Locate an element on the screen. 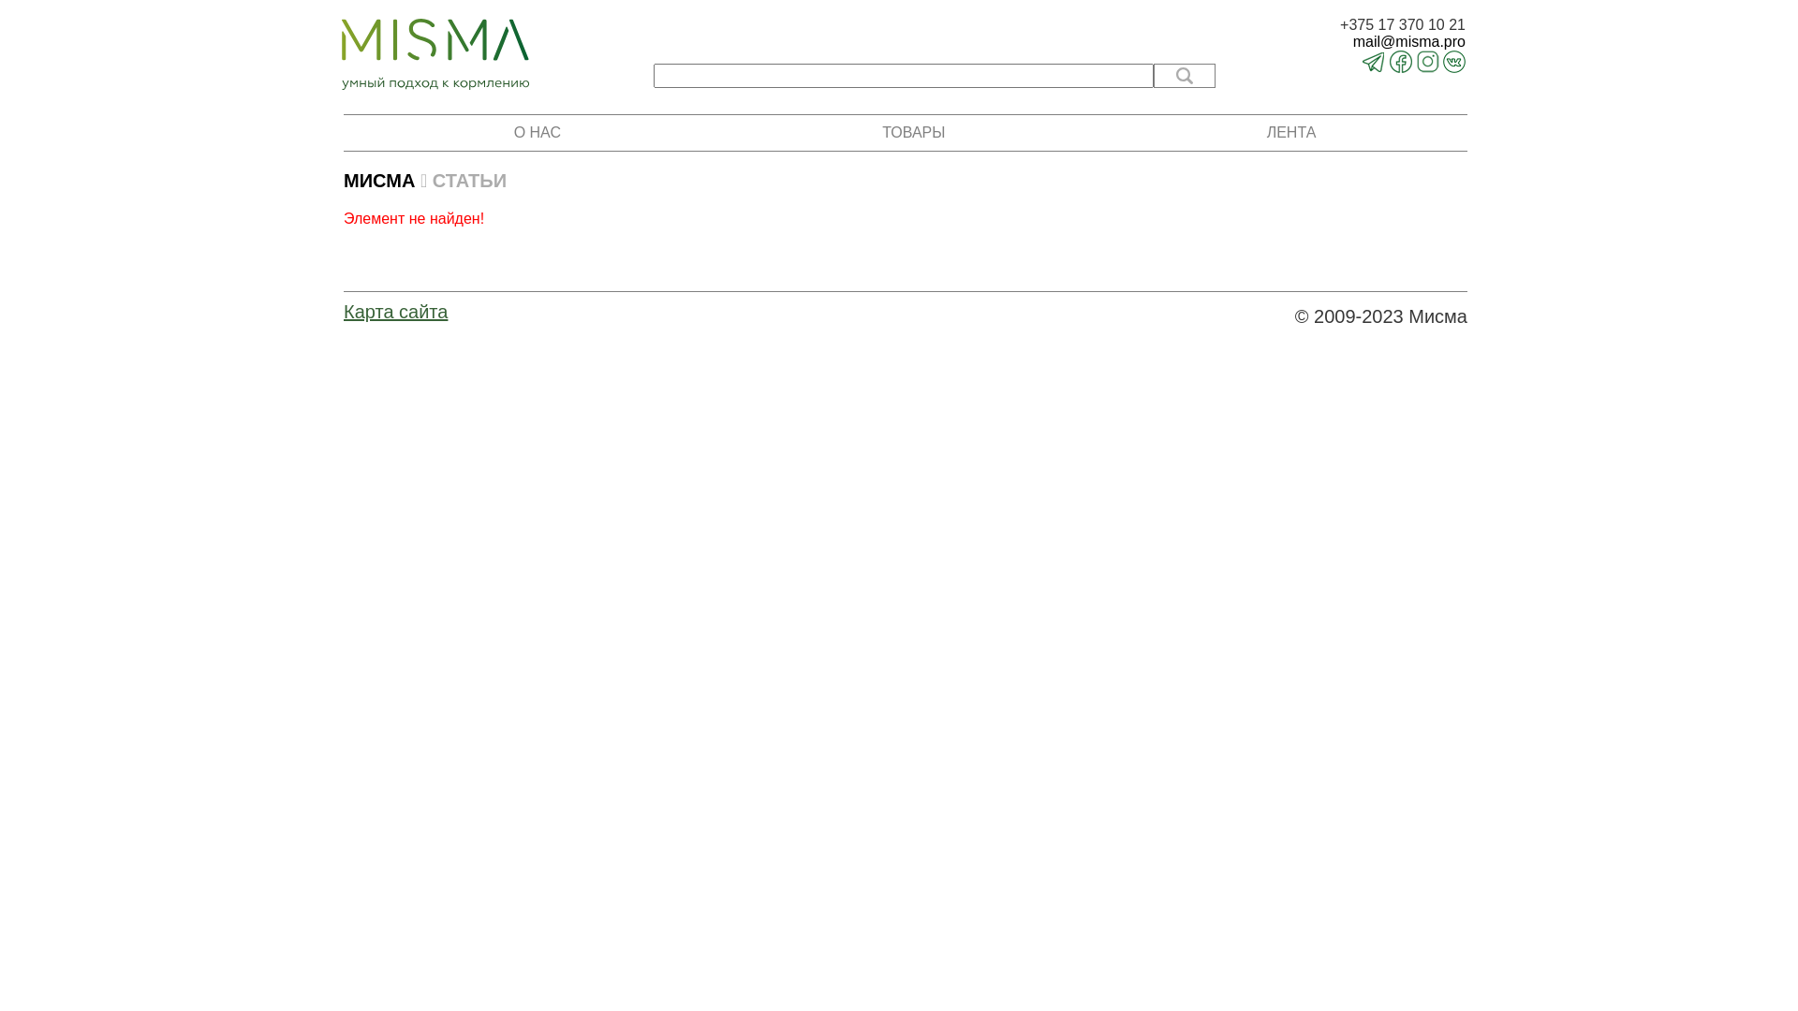 The width and height of the screenshot is (1798, 1011). 'mail@misma.pro' is located at coordinates (1338, 42).